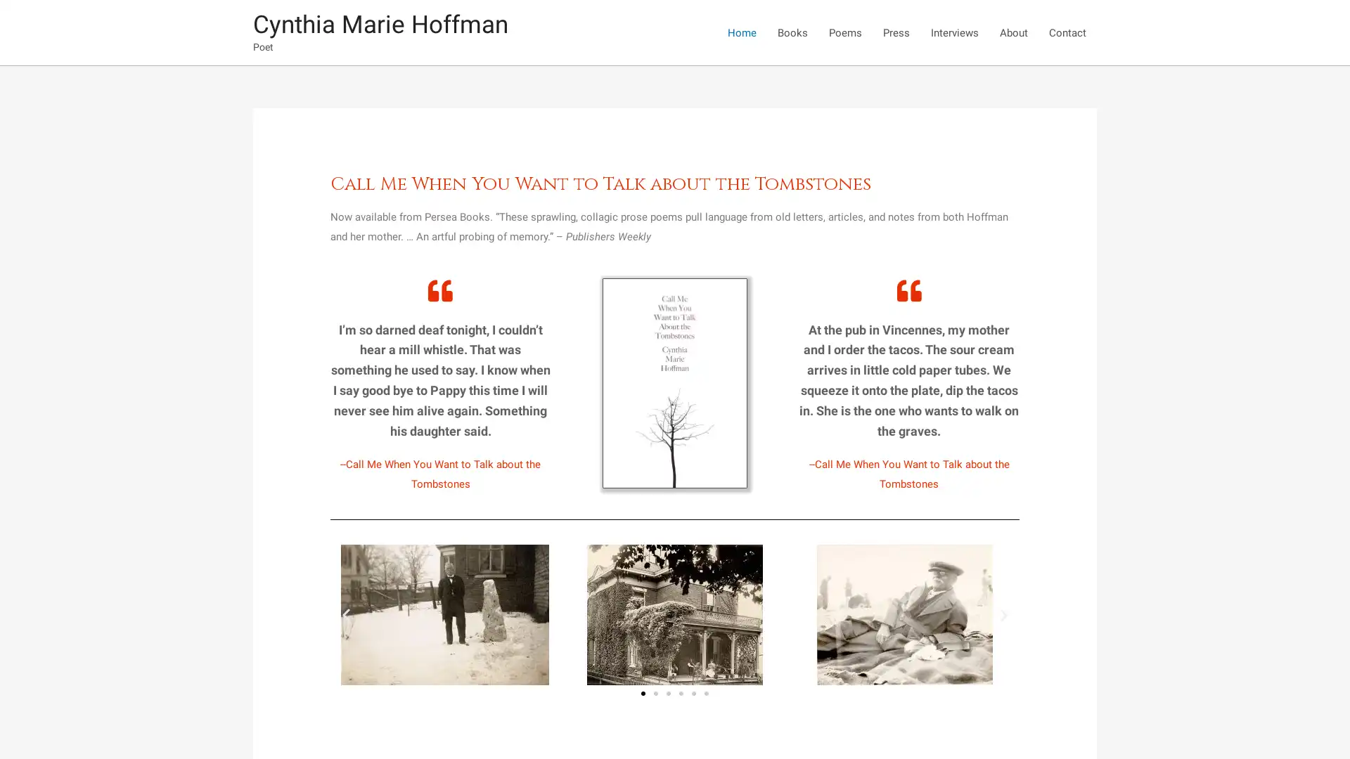 This screenshot has height=759, width=1350. What do you see at coordinates (643, 693) in the screenshot?
I see `Go to slide 1` at bounding box center [643, 693].